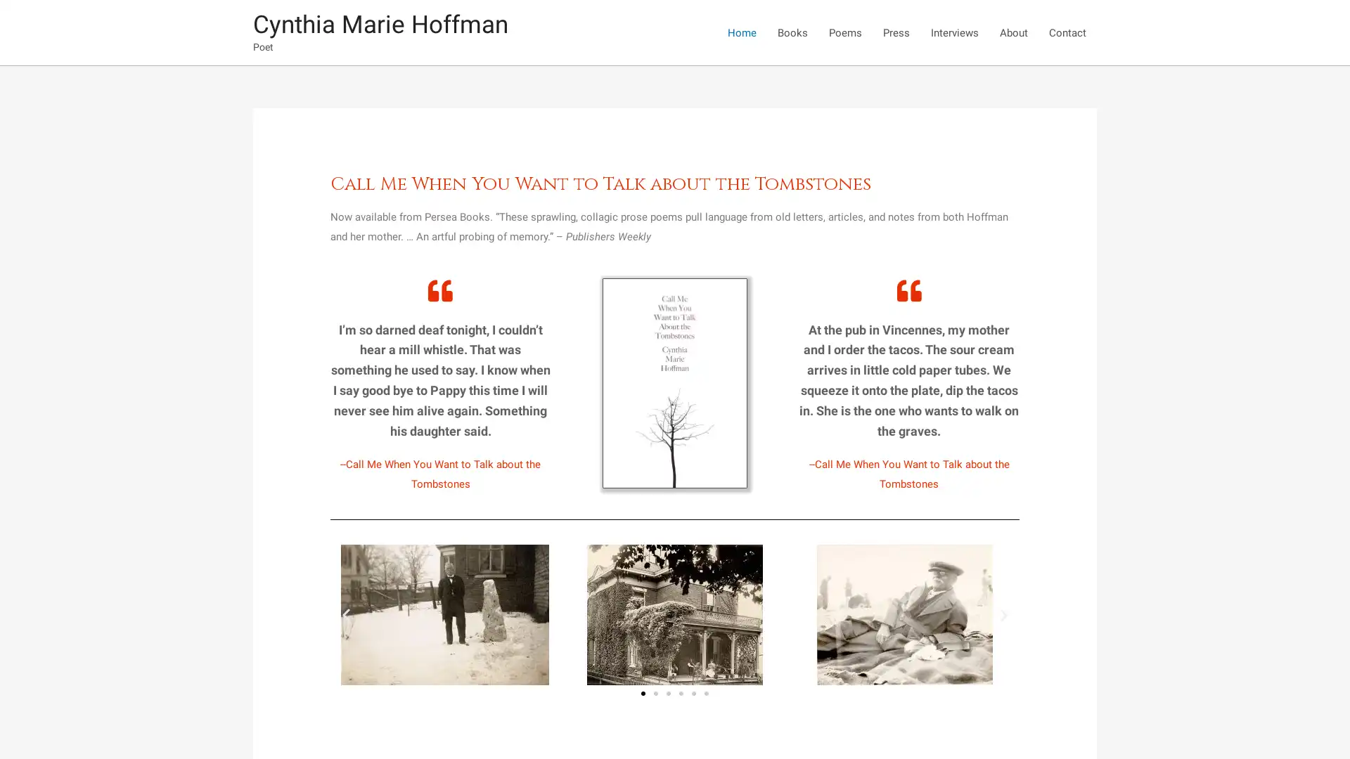 This screenshot has height=759, width=1350. What do you see at coordinates (643, 693) in the screenshot?
I see `Go to slide 1` at bounding box center [643, 693].